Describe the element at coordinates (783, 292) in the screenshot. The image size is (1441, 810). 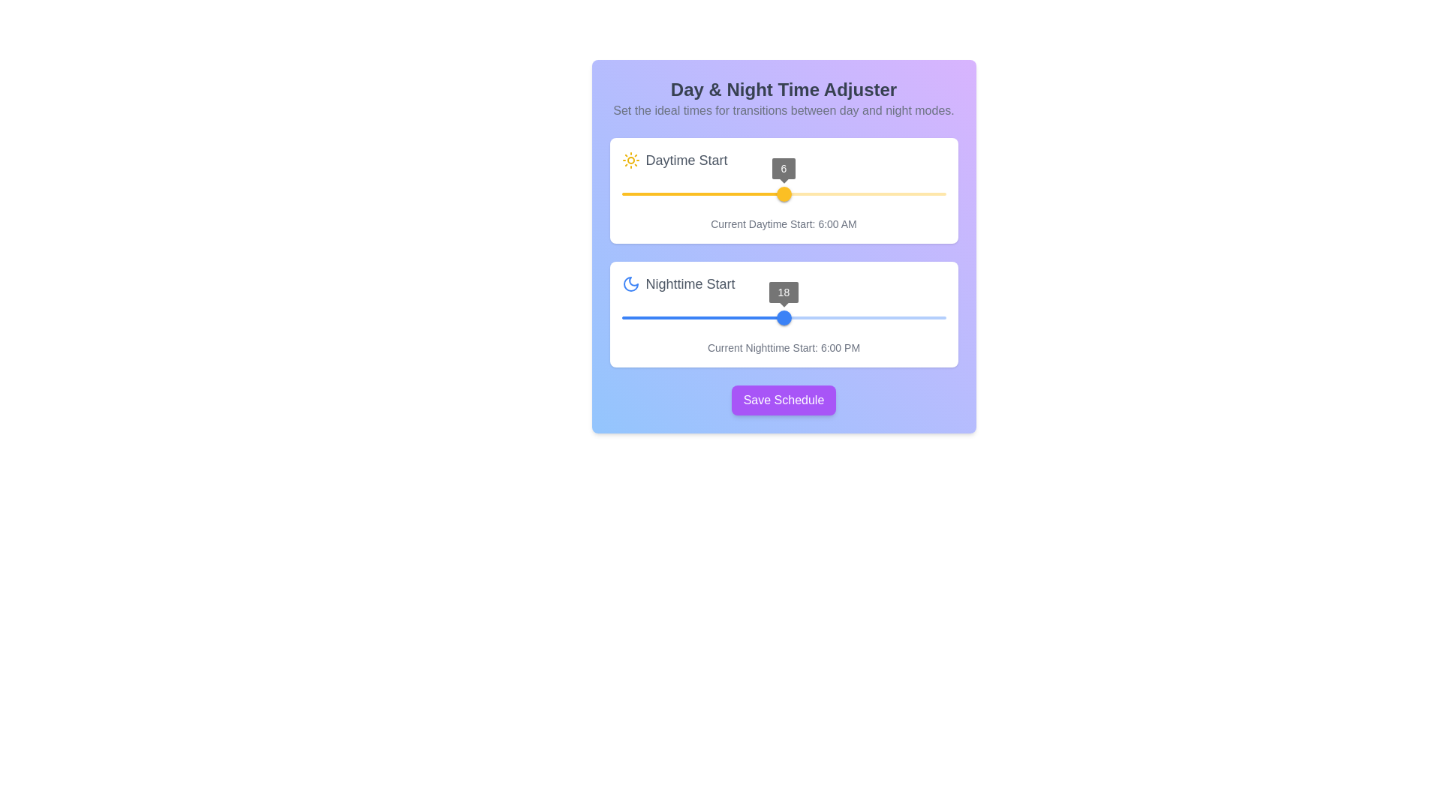
I see `the circular tooltip indicator displaying the numeric value '18' within the 'Nighttime Start' slider component, positioned above the blue slider thumb` at that location.